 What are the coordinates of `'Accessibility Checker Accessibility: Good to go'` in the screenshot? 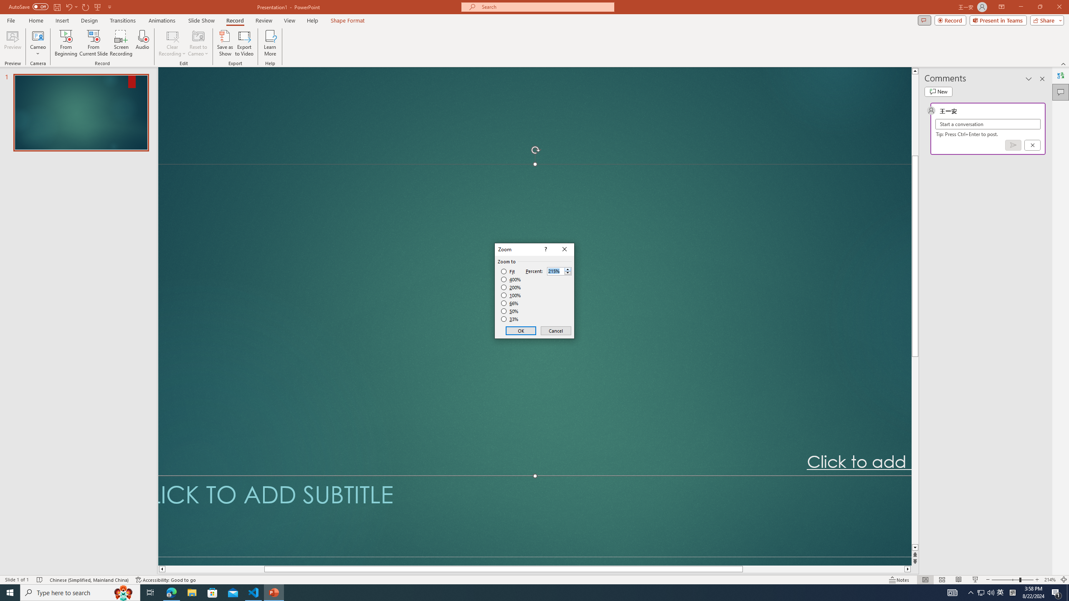 It's located at (166, 580).